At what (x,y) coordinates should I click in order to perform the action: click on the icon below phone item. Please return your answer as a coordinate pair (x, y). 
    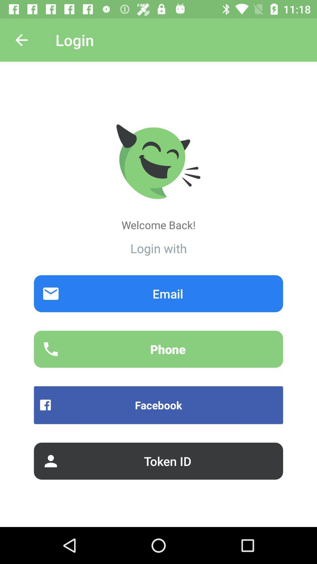
    Looking at the image, I should click on (158, 405).